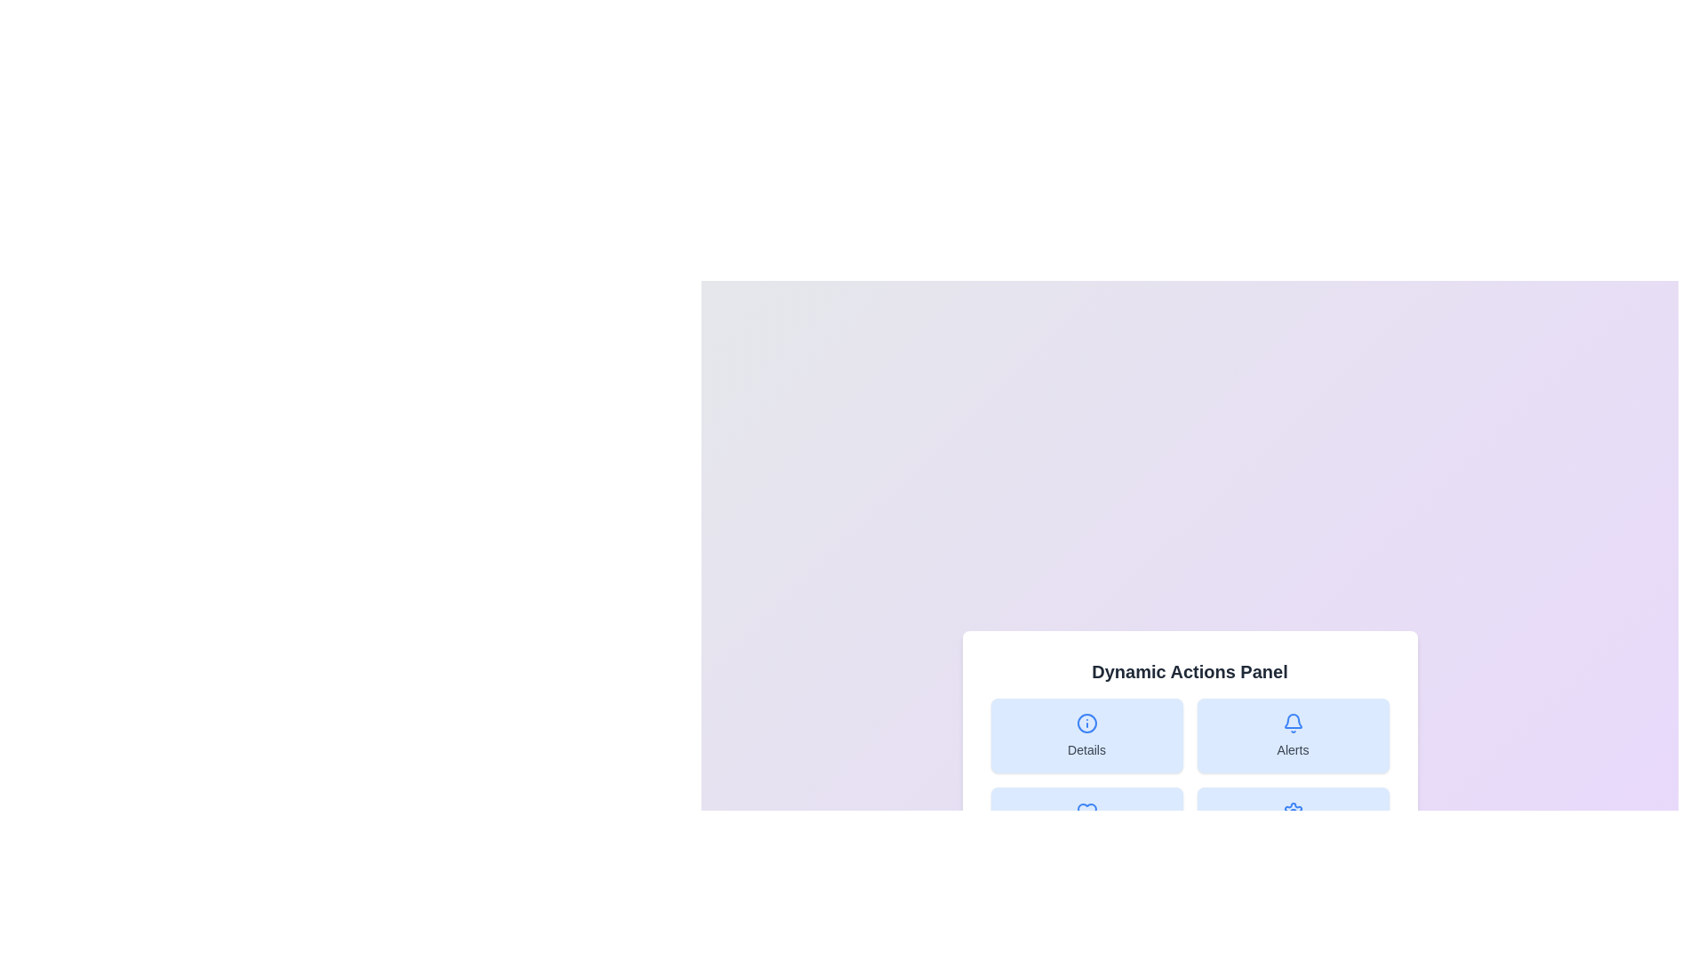 This screenshot has height=960, width=1707. I want to click on the circular information icon with a blue outline, located centrally within the 'Details' card under the 'Dynamic Actions Panel', so click(1086, 723).